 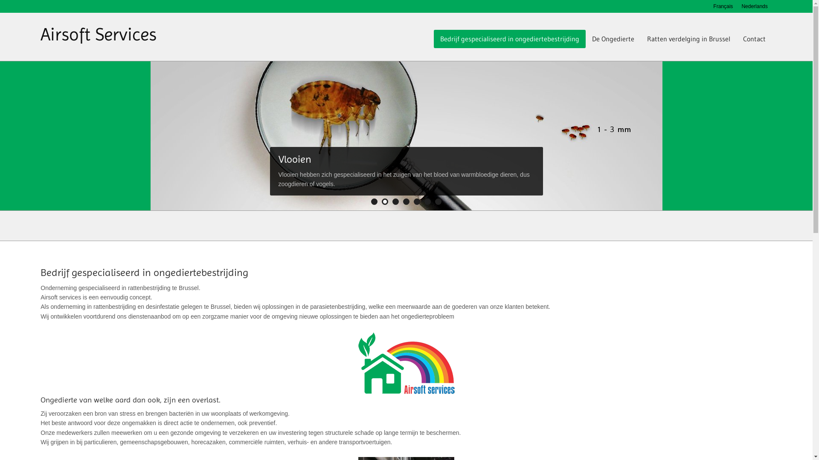 What do you see at coordinates (438, 201) in the screenshot?
I see `'7'` at bounding box center [438, 201].